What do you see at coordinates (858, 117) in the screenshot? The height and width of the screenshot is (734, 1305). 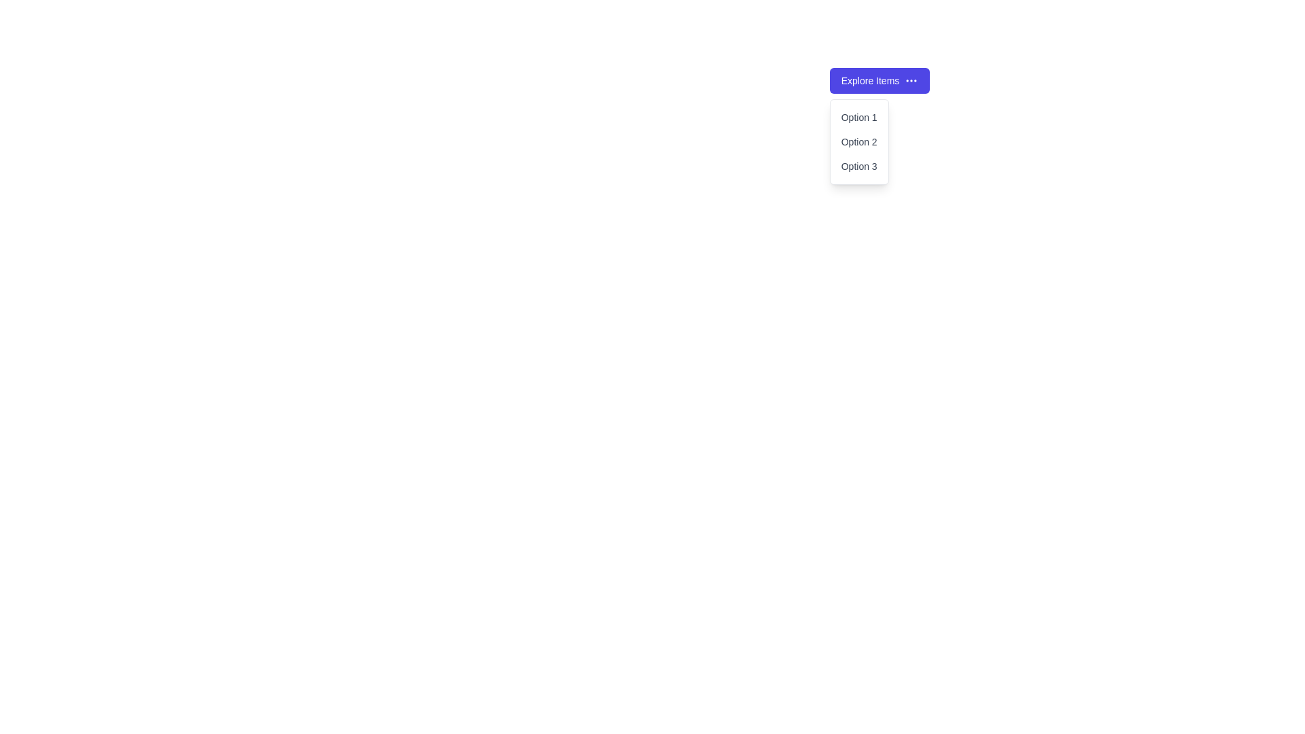 I see `the option Option 1 in the dropdown to preview its content` at bounding box center [858, 117].